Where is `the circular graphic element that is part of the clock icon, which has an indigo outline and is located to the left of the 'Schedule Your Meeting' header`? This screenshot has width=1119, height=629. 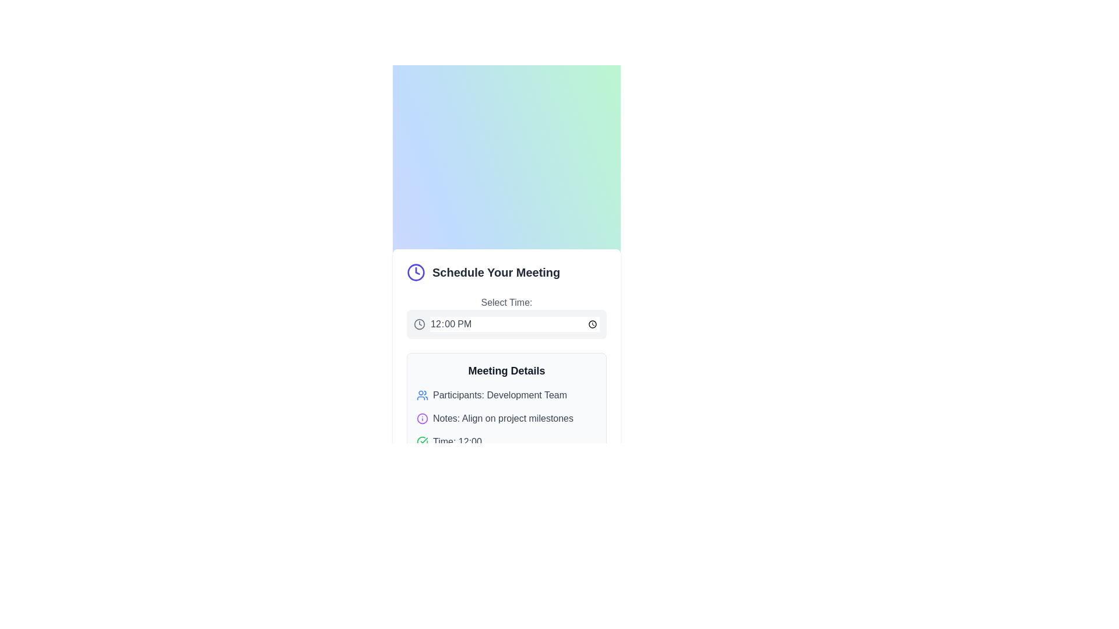 the circular graphic element that is part of the clock icon, which has an indigo outline and is located to the left of the 'Schedule Your Meeting' header is located at coordinates (416, 272).